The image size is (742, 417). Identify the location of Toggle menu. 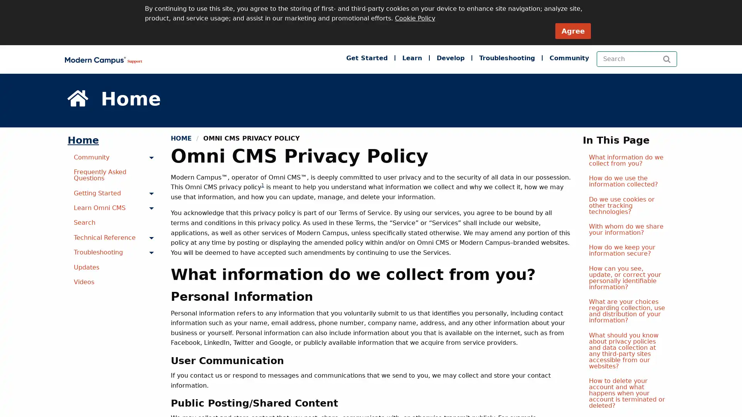
(151, 157).